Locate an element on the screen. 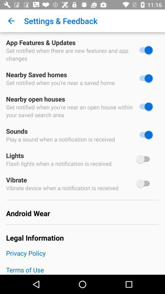 Image resolution: width=165 pixels, height=294 pixels. lights on and off when a notification is received is located at coordinates (144, 159).